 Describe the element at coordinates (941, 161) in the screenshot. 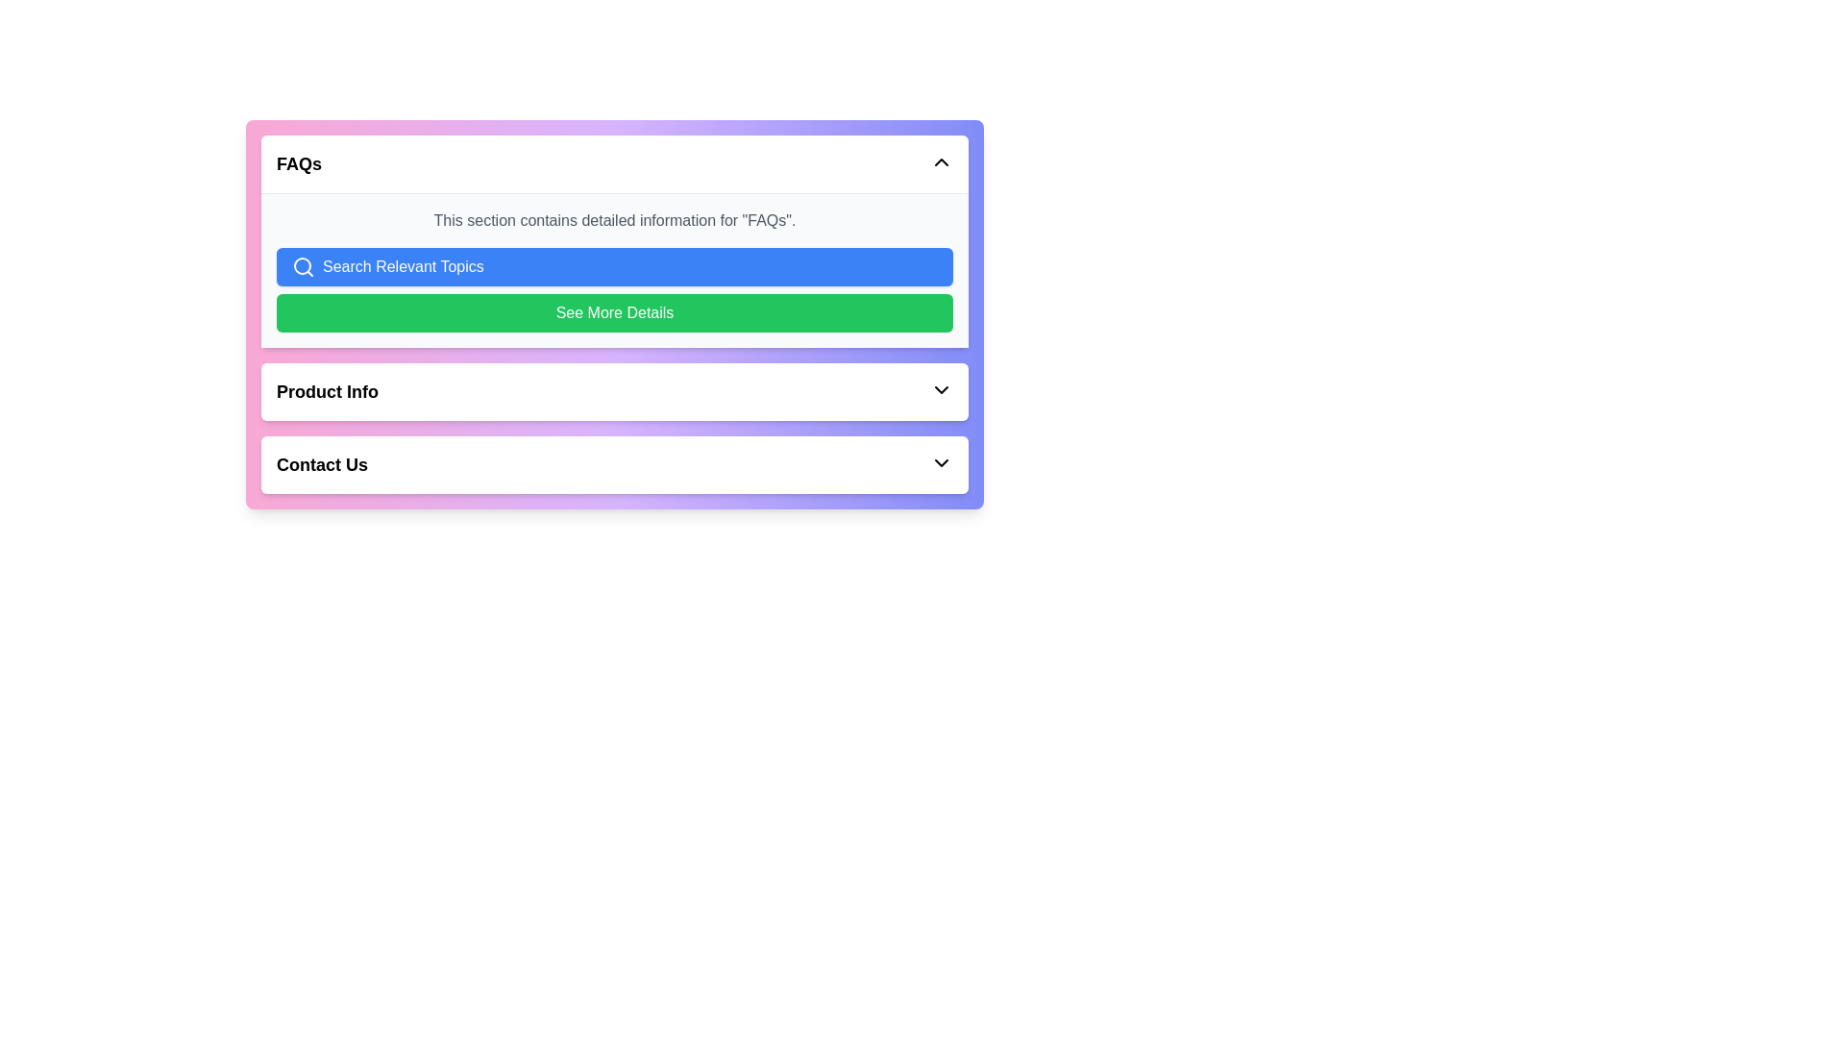

I see `the upward-pointing chevron icon located in the header section labeled 'FAQs'` at that location.